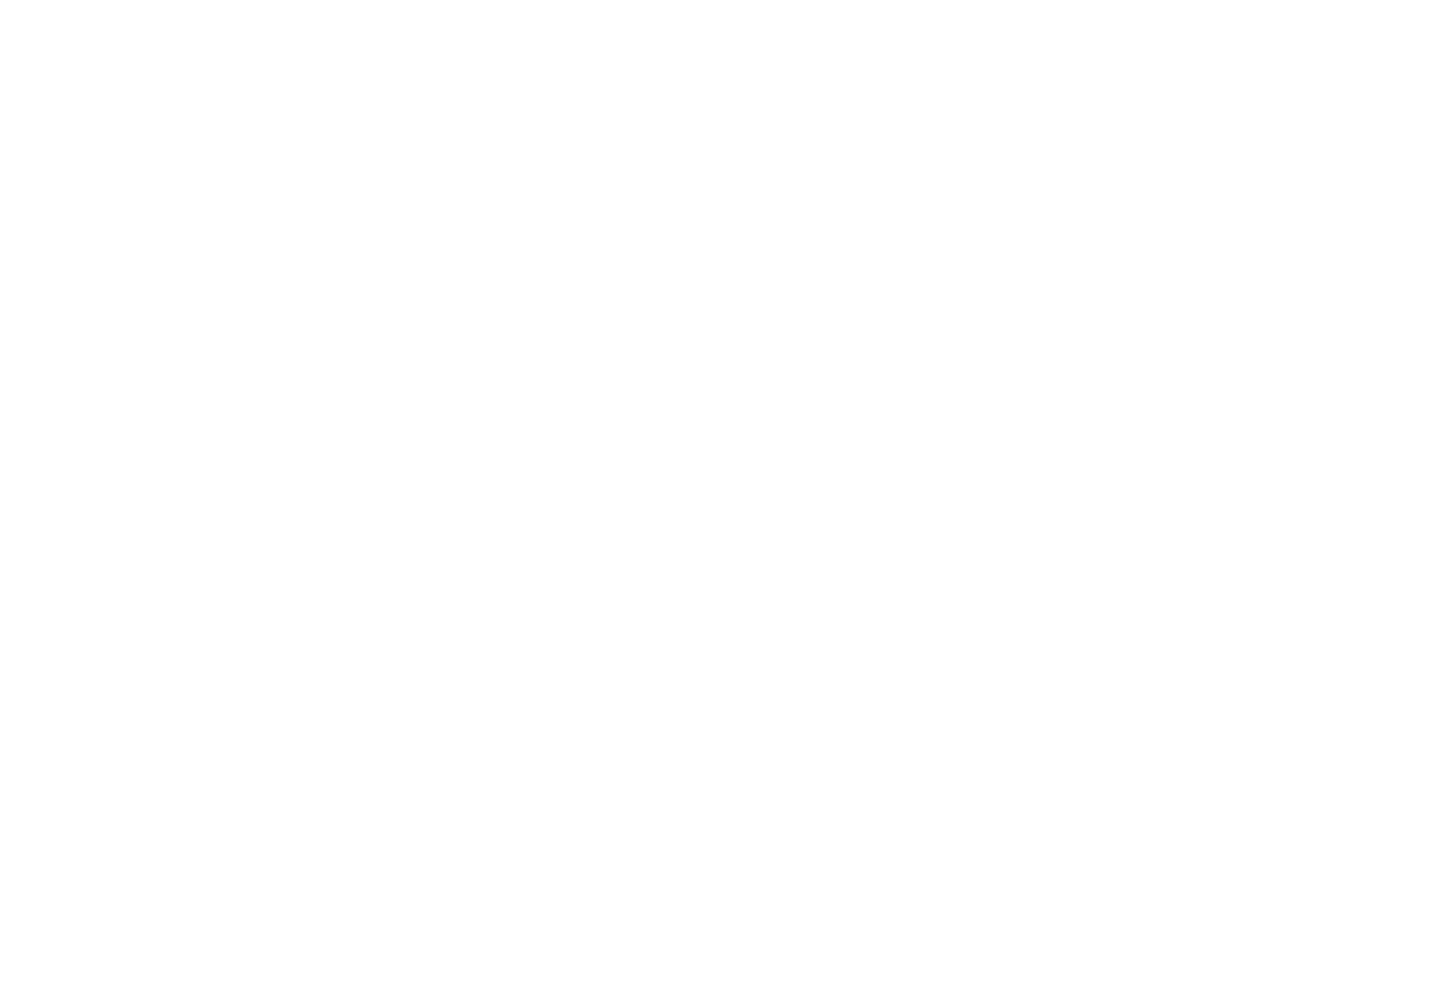 This screenshot has width=1456, height=989. What do you see at coordinates (384, 799) in the screenshot?
I see `'About Future'` at bounding box center [384, 799].